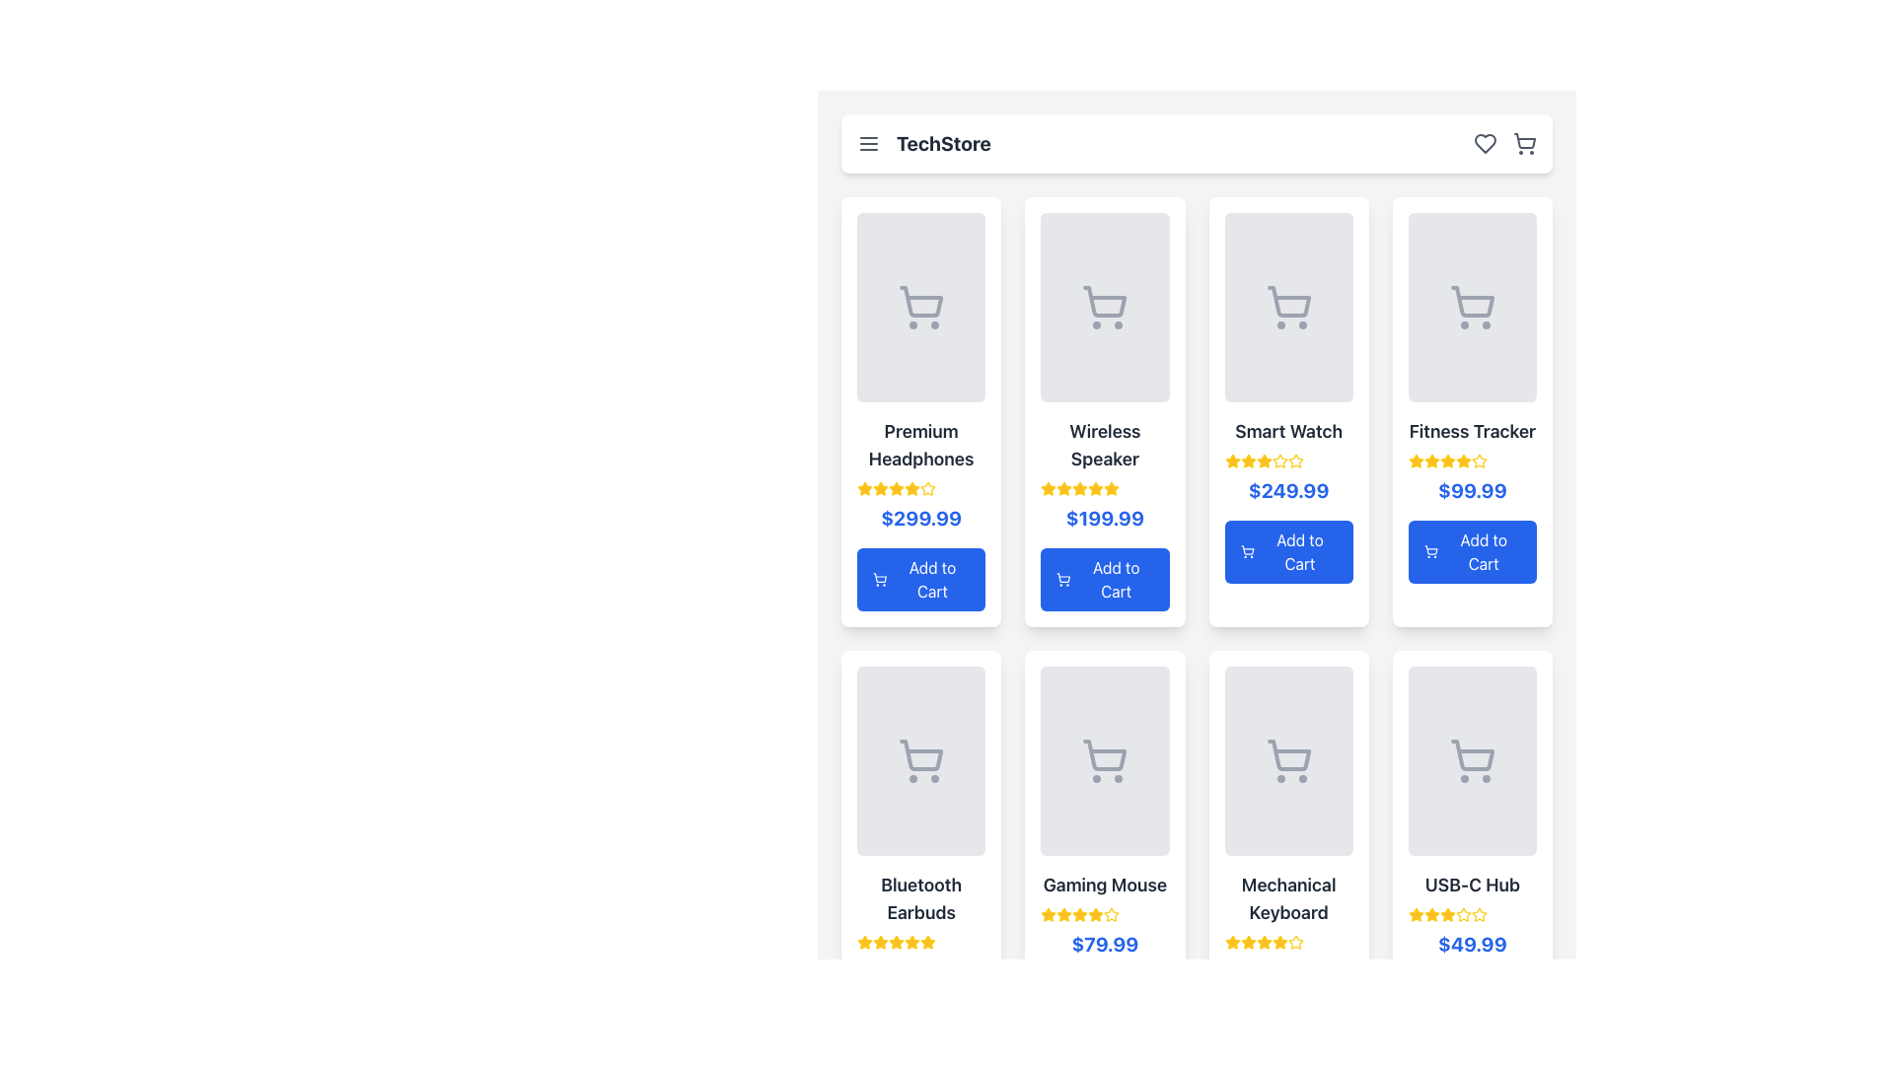 The width and height of the screenshot is (1894, 1065). What do you see at coordinates (879, 488) in the screenshot?
I see `the star icon that represents the rating of a product, located above the product price and below the product title in the first product card of the grid layout` at bounding box center [879, 488].